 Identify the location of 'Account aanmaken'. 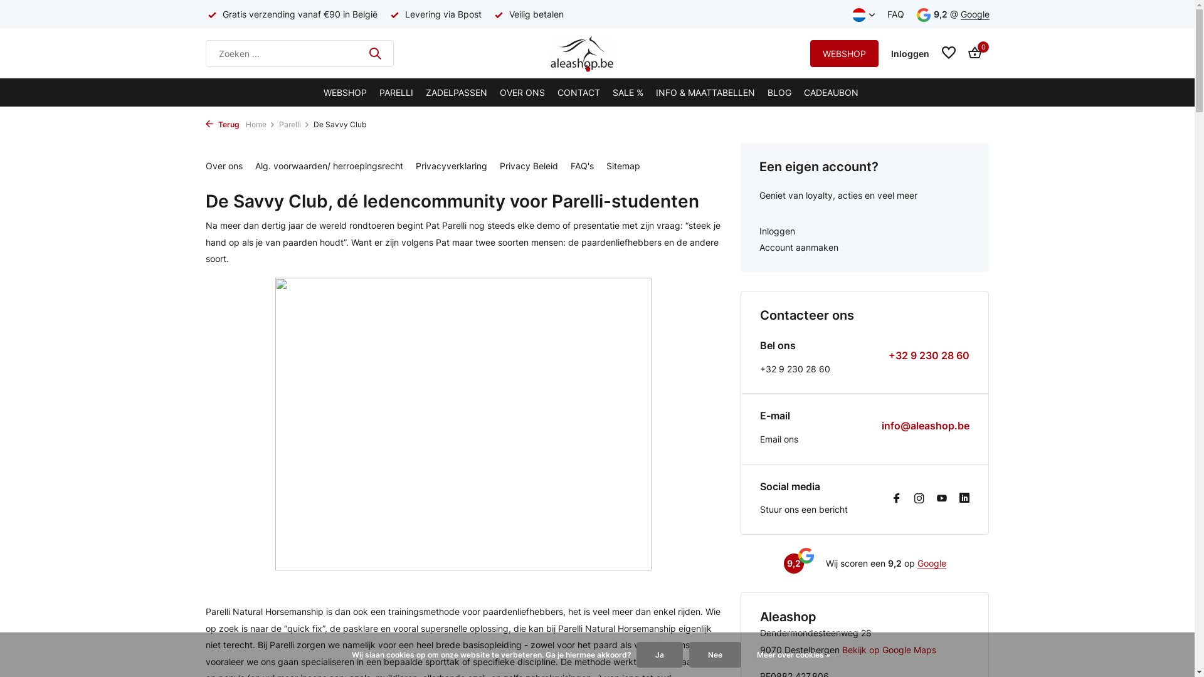
(864, 248).